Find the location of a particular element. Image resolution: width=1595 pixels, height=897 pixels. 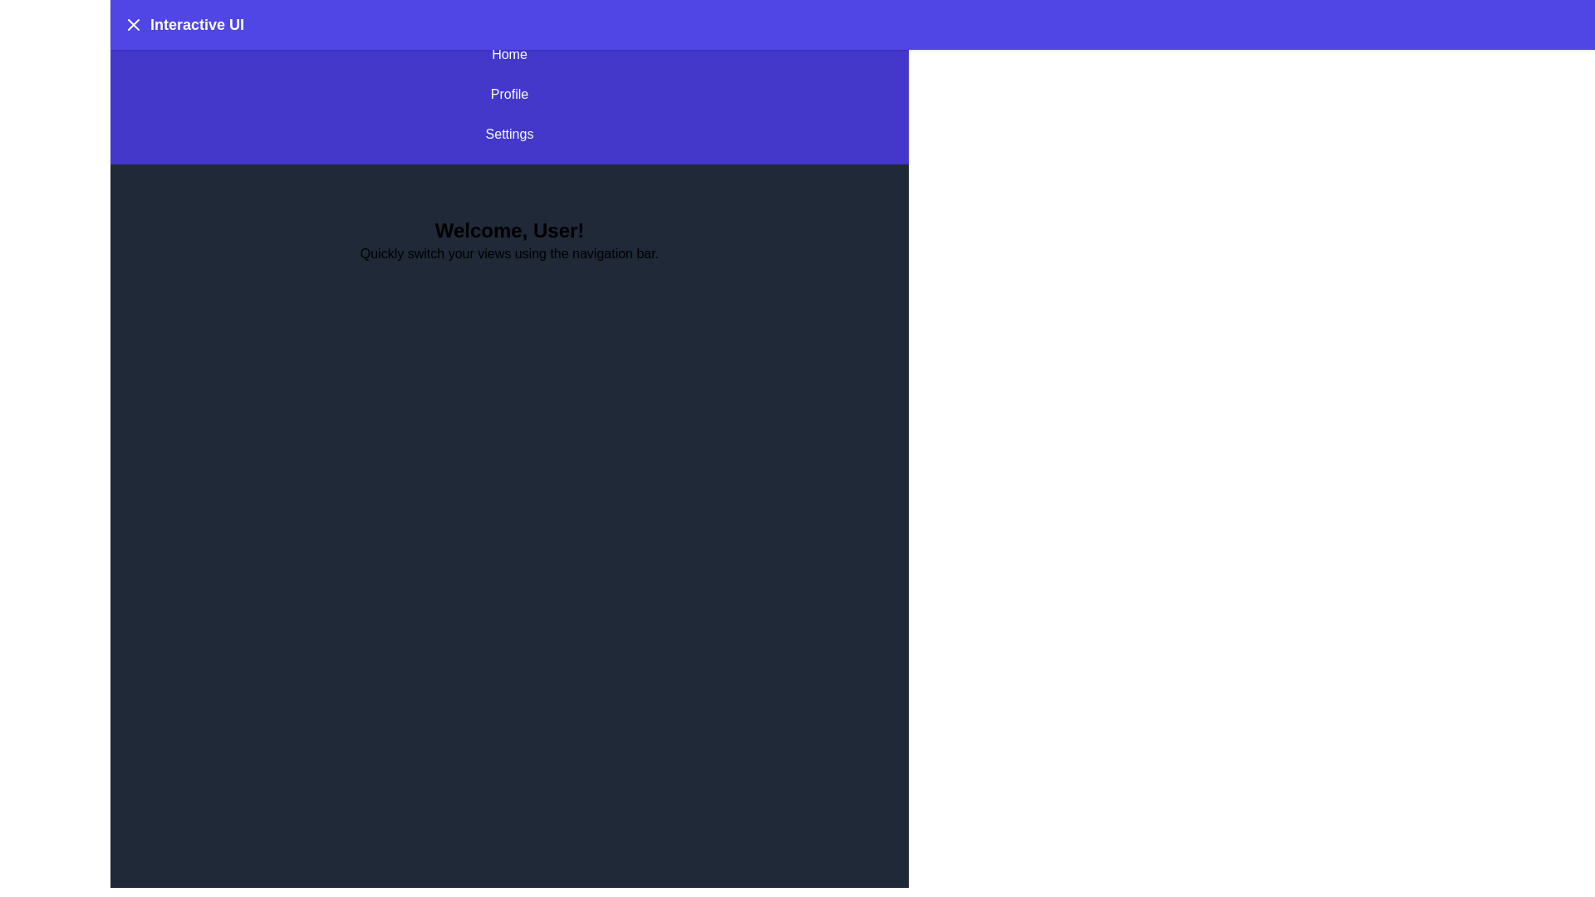

the navigation menu item Profile is located at coordinates (508, 95).